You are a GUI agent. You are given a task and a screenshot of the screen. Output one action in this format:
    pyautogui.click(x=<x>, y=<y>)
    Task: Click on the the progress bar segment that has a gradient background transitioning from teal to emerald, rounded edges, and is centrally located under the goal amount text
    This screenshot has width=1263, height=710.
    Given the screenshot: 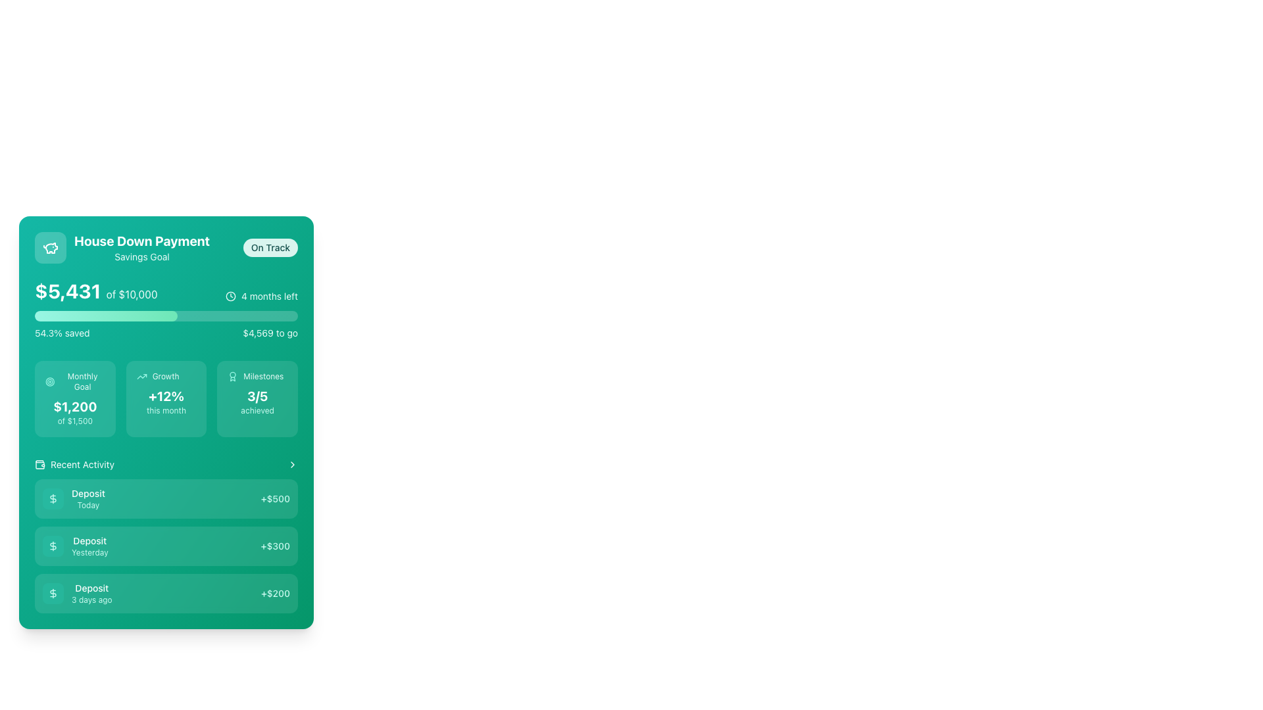 What is the action you would take?
    pyautogui.click(x=106, y=316)
    